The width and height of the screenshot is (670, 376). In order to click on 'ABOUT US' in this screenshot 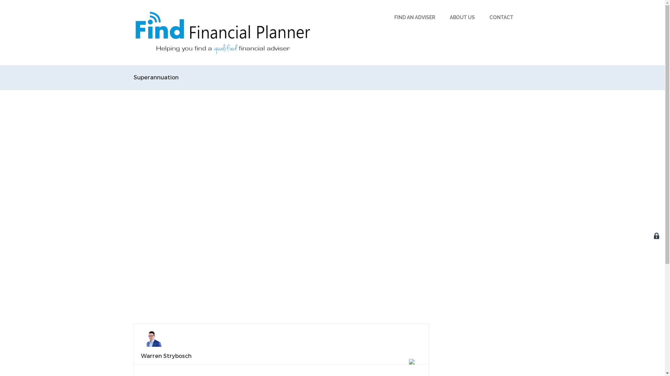, I will do `click(462, 17)`.